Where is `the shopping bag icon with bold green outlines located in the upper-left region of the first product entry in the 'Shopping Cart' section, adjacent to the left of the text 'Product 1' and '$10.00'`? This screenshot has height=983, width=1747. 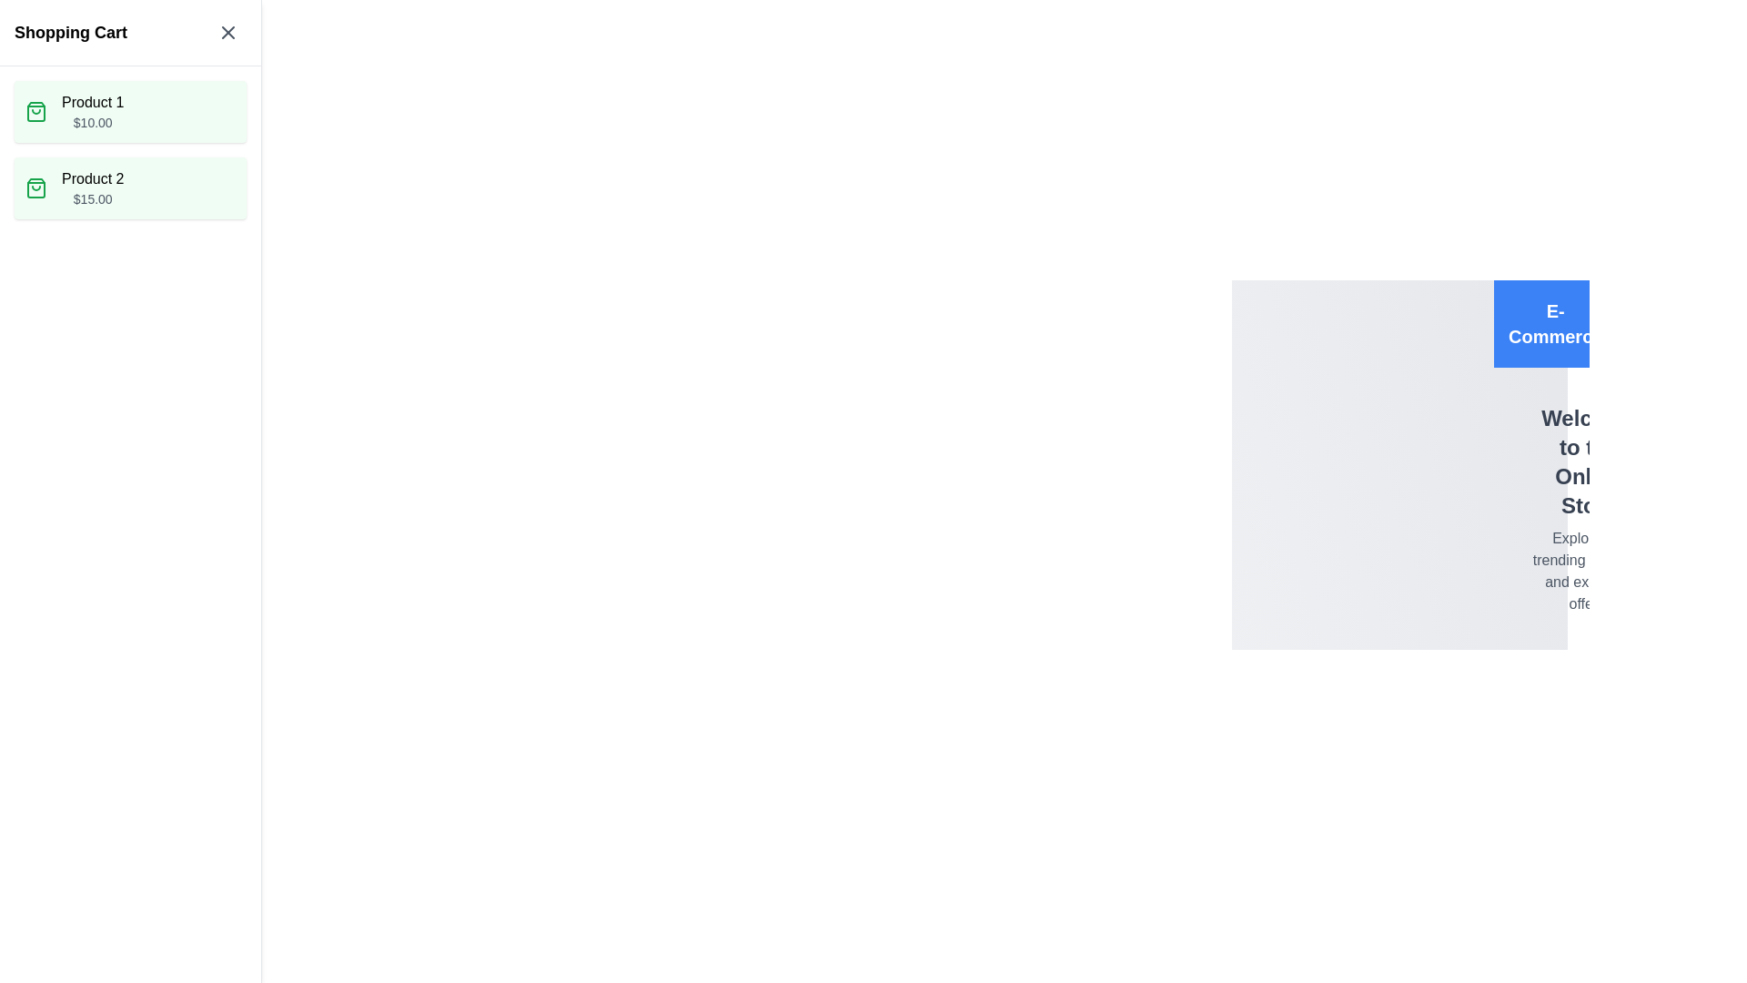
the shopping bag icon with bold green outlines located in the upper-left region of the first product entry in the 'Shopping Cart' section, adjacent to the left of the text 'Product 1' and '$10.00' is located at coordinates (35, 112).